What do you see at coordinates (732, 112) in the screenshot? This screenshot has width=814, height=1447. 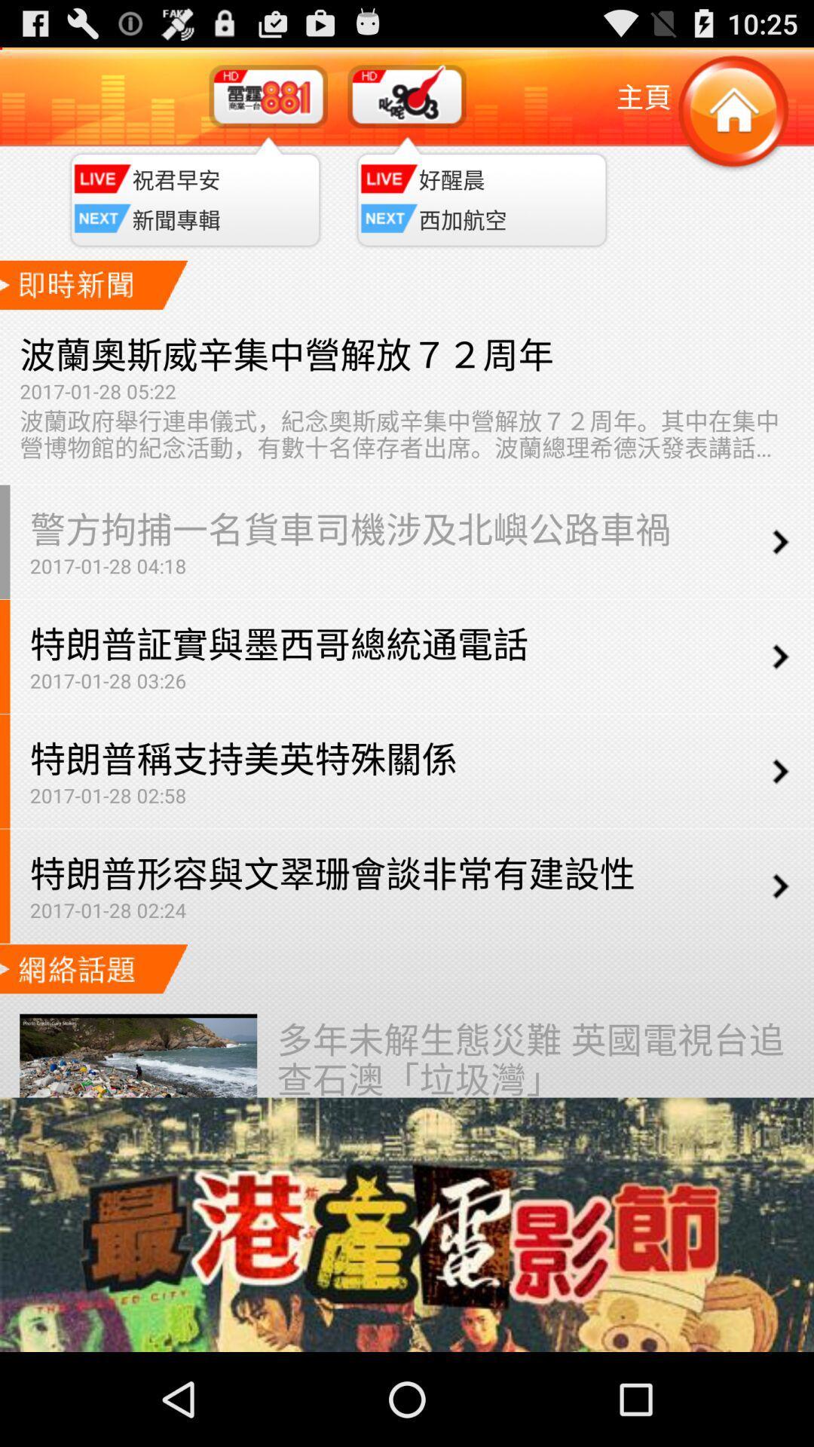 I see `home page the article` at bounding box center [732, 112].